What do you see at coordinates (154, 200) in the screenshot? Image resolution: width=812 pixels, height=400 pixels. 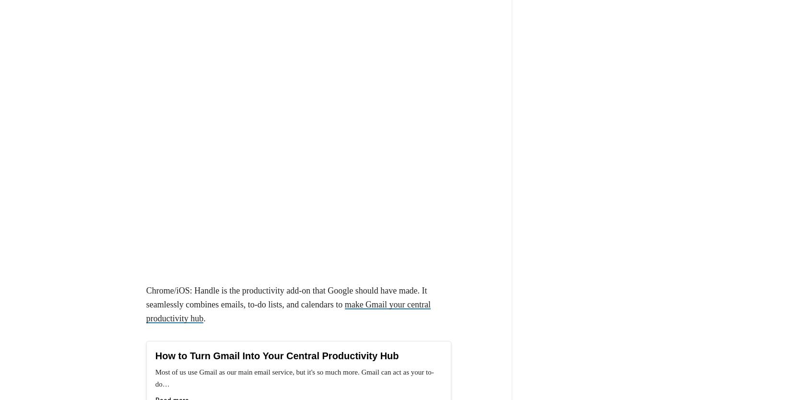 I see `'Most of us use Gmail as our main email service, but it's so much more. Gmail can act as your to-do…'` at bounding box center [154, 200].